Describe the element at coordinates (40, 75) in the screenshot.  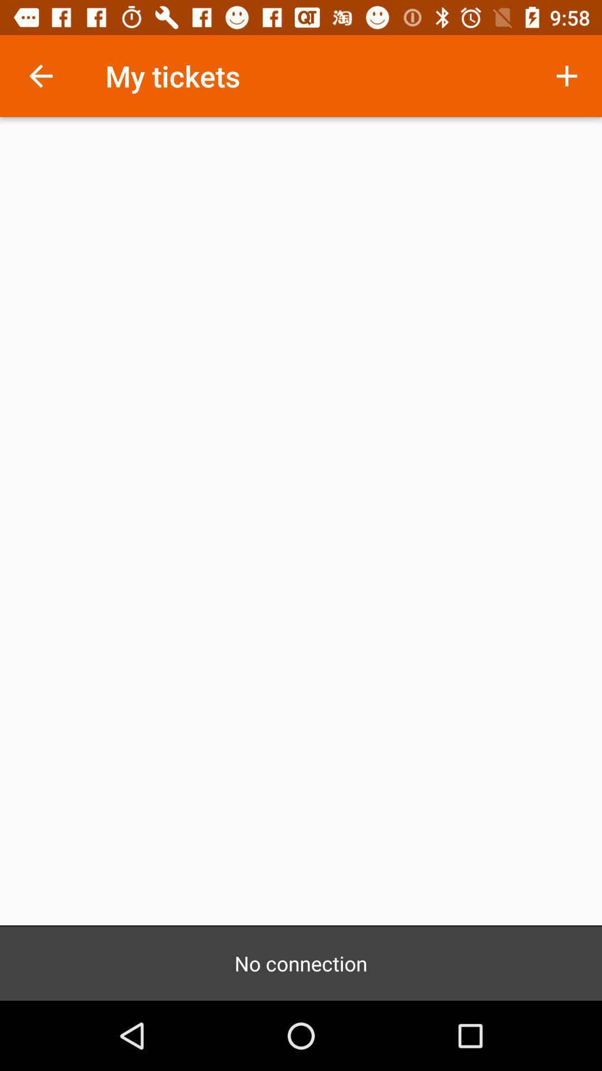
I see `the icon to the left of my tickets` at that location.